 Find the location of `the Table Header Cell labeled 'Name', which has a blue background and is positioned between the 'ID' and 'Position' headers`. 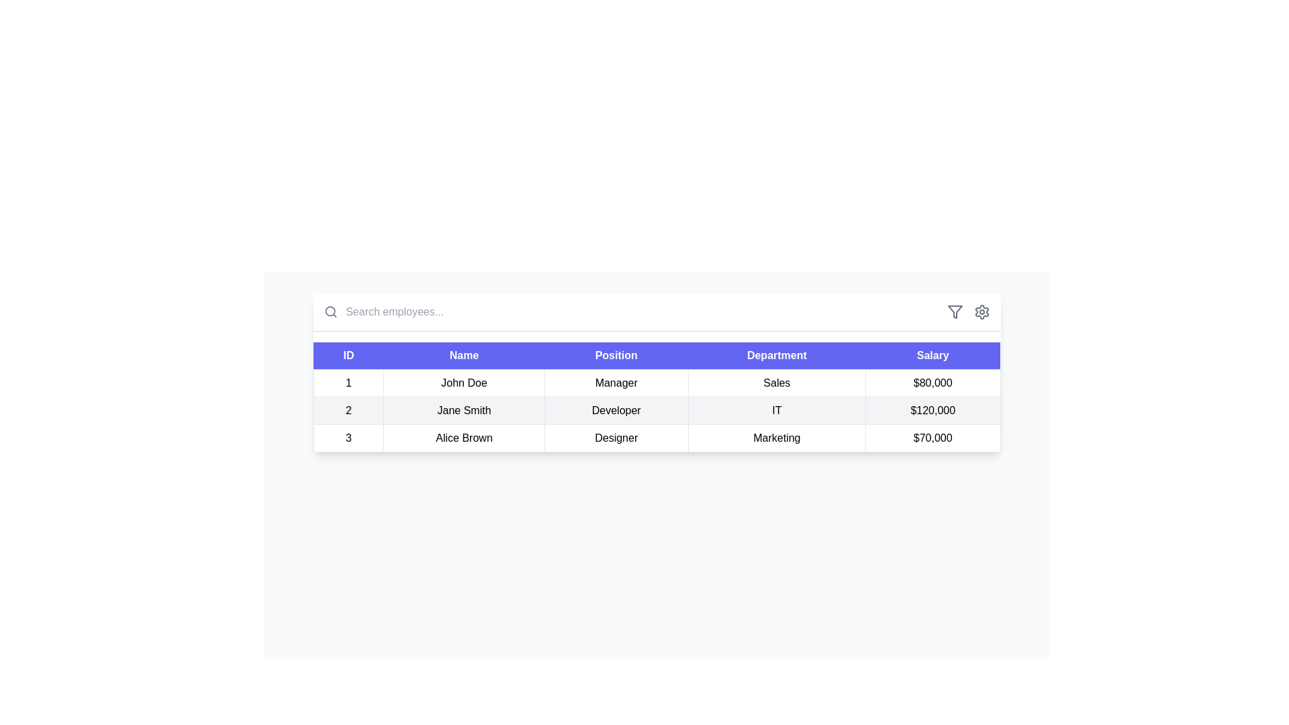

the Table Header Cell labeled 'Name', which has a blue background and is positioned between the 'ID' and 'Position' headers is located at coordinates (464, 355).